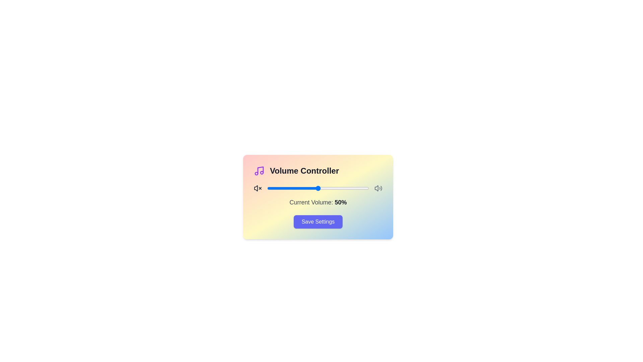 Image resolution: width=643 pixels, height=362 pixels. I want to click on the volume slider to 54%, so click(322, 188).